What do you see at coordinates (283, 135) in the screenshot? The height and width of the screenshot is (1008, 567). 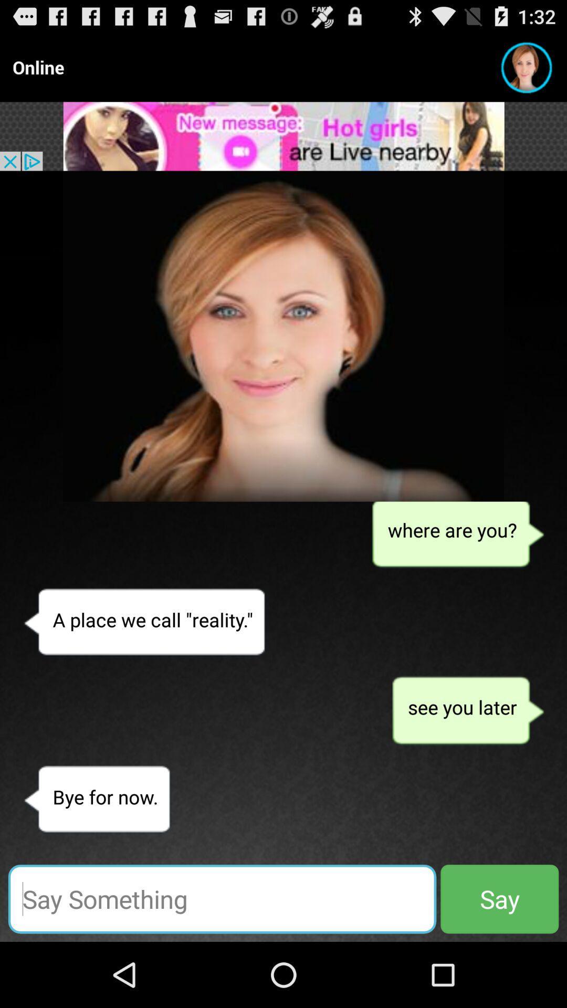 I see `advertisement` at bounding box center [283, 135].